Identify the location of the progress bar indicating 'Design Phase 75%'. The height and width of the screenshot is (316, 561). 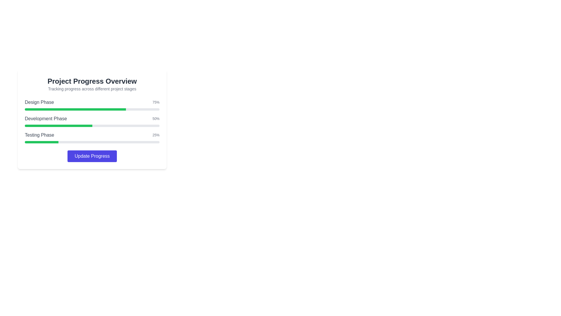
(92, 109).